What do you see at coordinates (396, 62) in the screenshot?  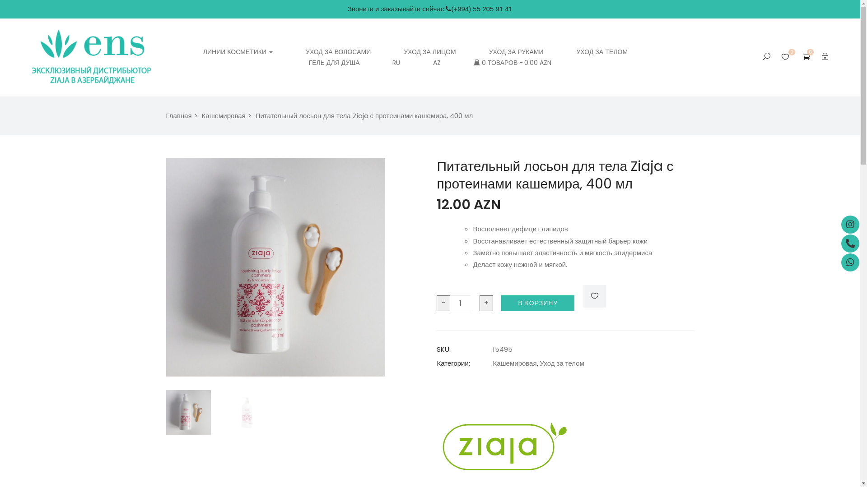 I see `'RU'` at bounding box center [396, 62].